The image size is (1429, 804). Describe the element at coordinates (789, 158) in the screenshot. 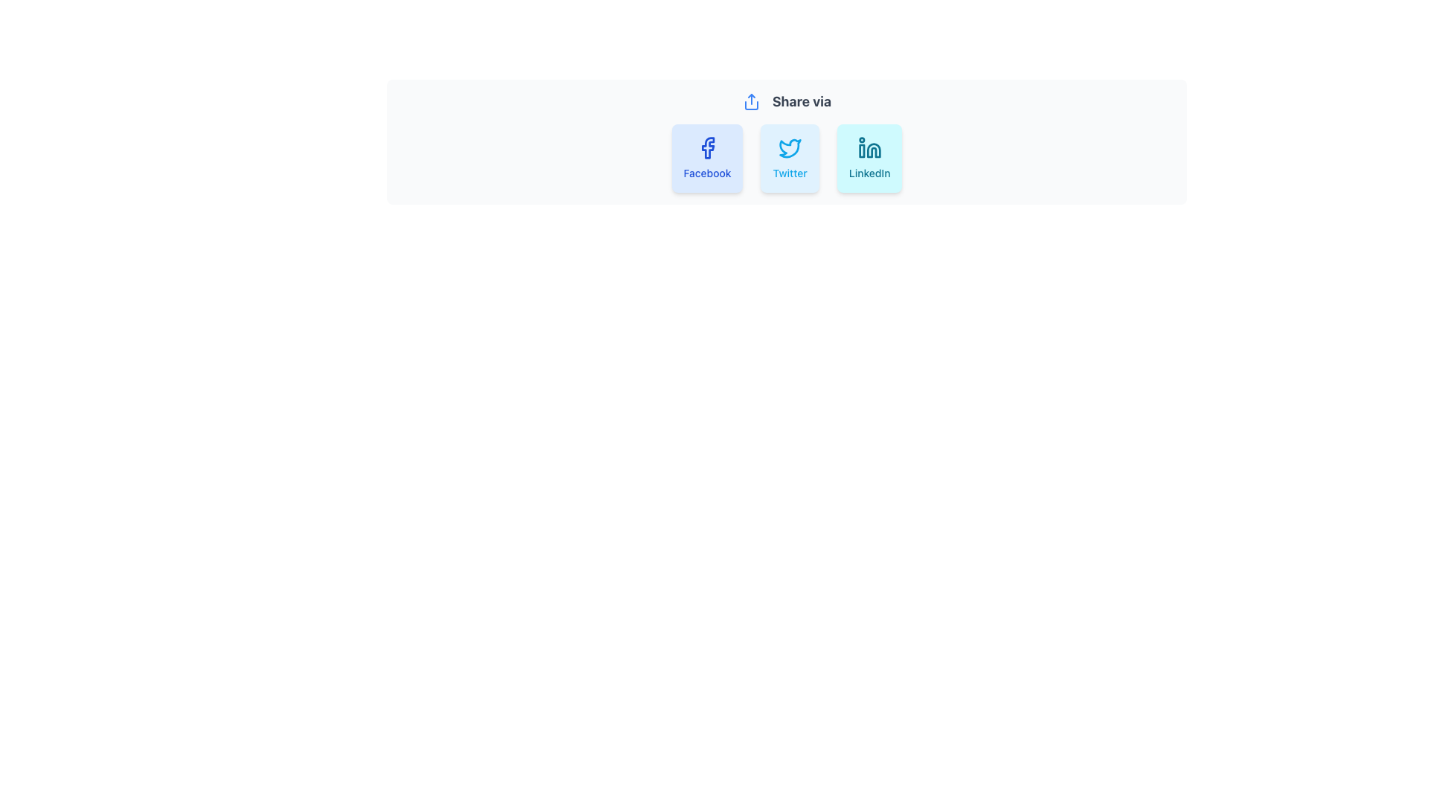

I see `the Twitter button, which has a light blue background and displays the Twitter logo and 'Twitter' label below it` at that location.